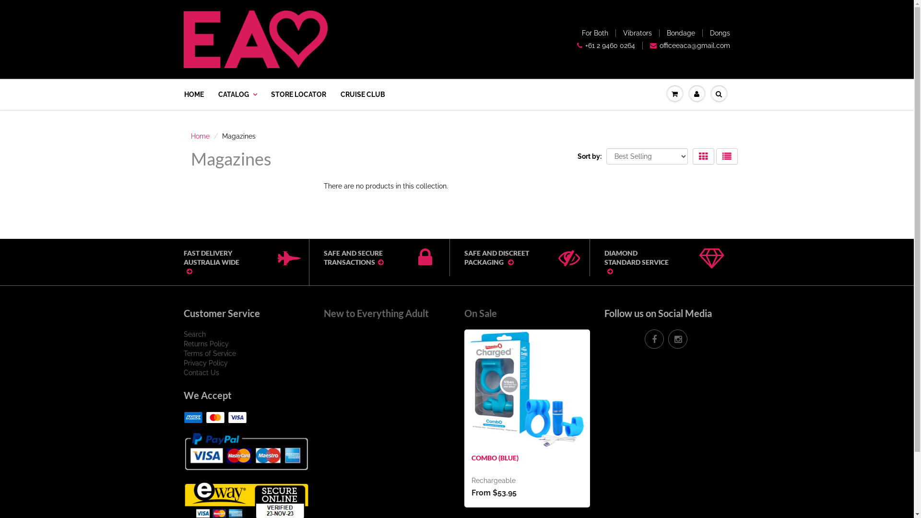 Image resolution: width=921 pixels, height=518 pixels. Describe the element at coordinates (464, 257) in the screenshot. I see `'SAFE AND DISCREET PACKAGING'` at that location.